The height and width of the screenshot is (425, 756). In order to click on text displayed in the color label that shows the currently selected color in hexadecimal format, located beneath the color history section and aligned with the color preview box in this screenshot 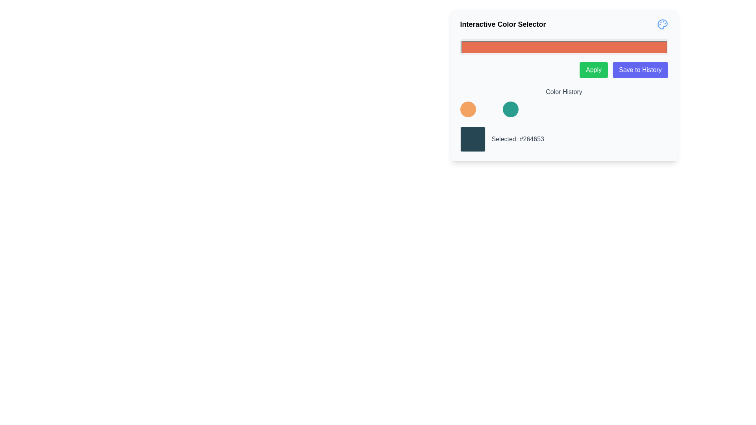, I will do `click(518, 139)`.